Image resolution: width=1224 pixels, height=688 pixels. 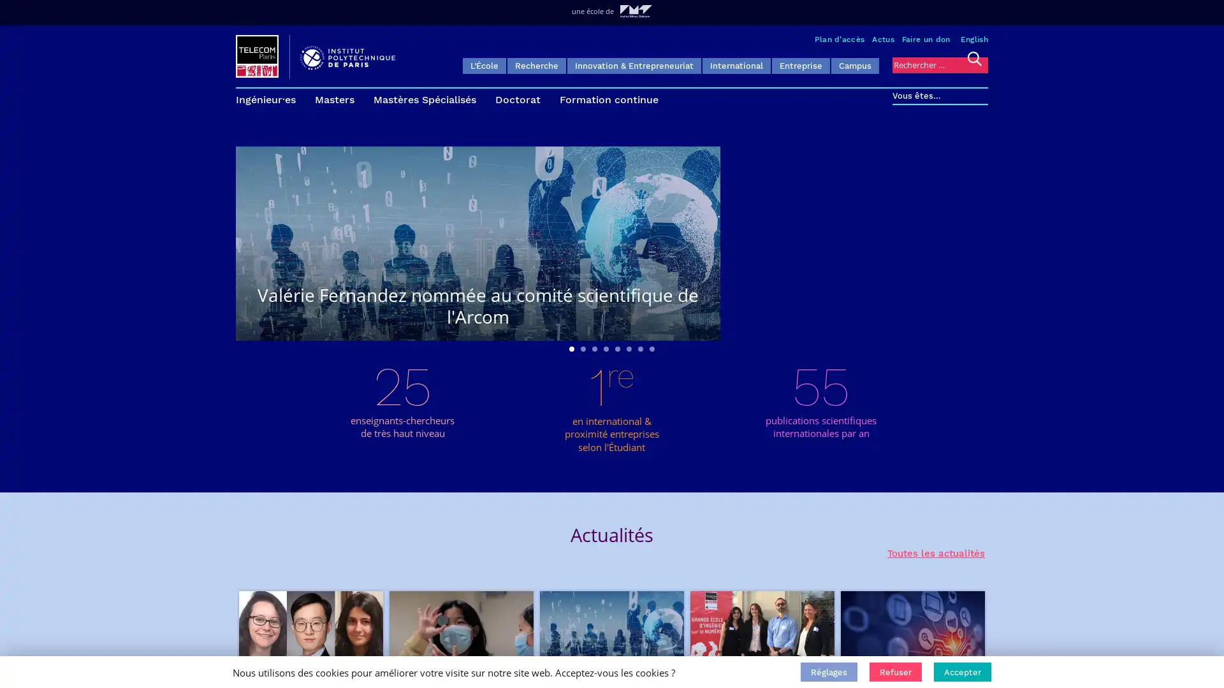 What do you see at coordinates (829, 671) in the screenshot?
I see `Reglages` at bounding box center [829, 671].